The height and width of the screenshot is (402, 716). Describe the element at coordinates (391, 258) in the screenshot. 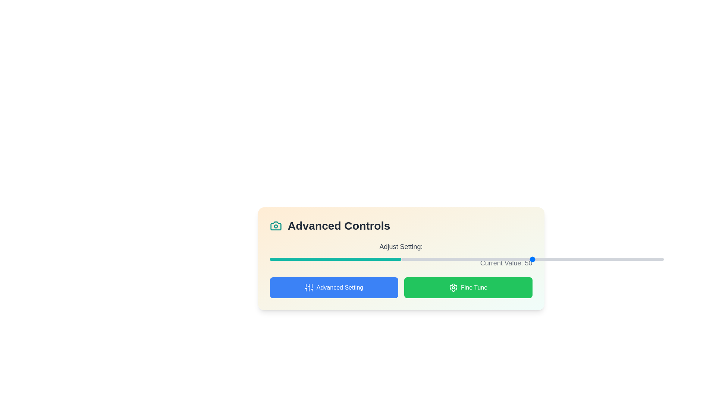

I see `the slider` at that location.